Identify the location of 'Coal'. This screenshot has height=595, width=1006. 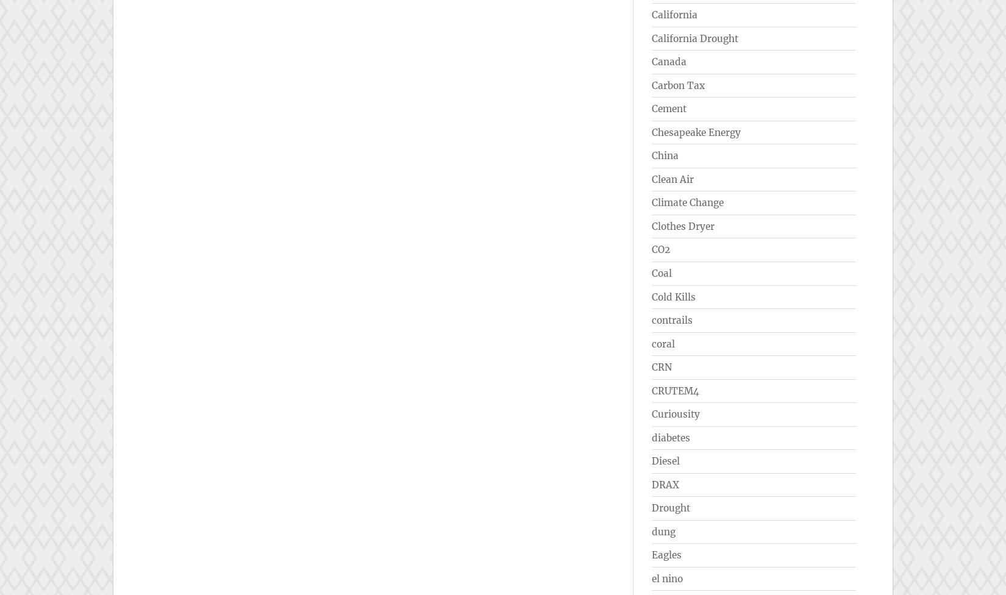
(662, 272).